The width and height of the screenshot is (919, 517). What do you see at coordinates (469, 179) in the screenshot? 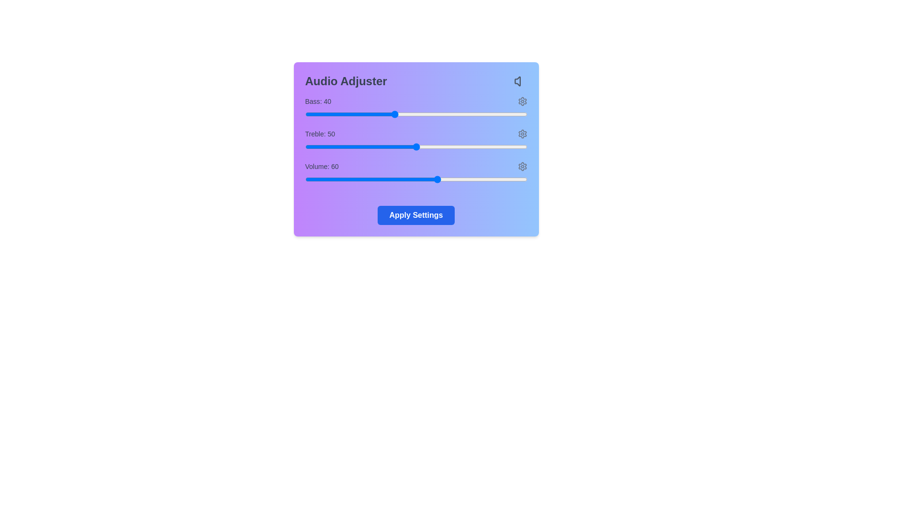
I see `the volume` at bounding box center [469, 179].